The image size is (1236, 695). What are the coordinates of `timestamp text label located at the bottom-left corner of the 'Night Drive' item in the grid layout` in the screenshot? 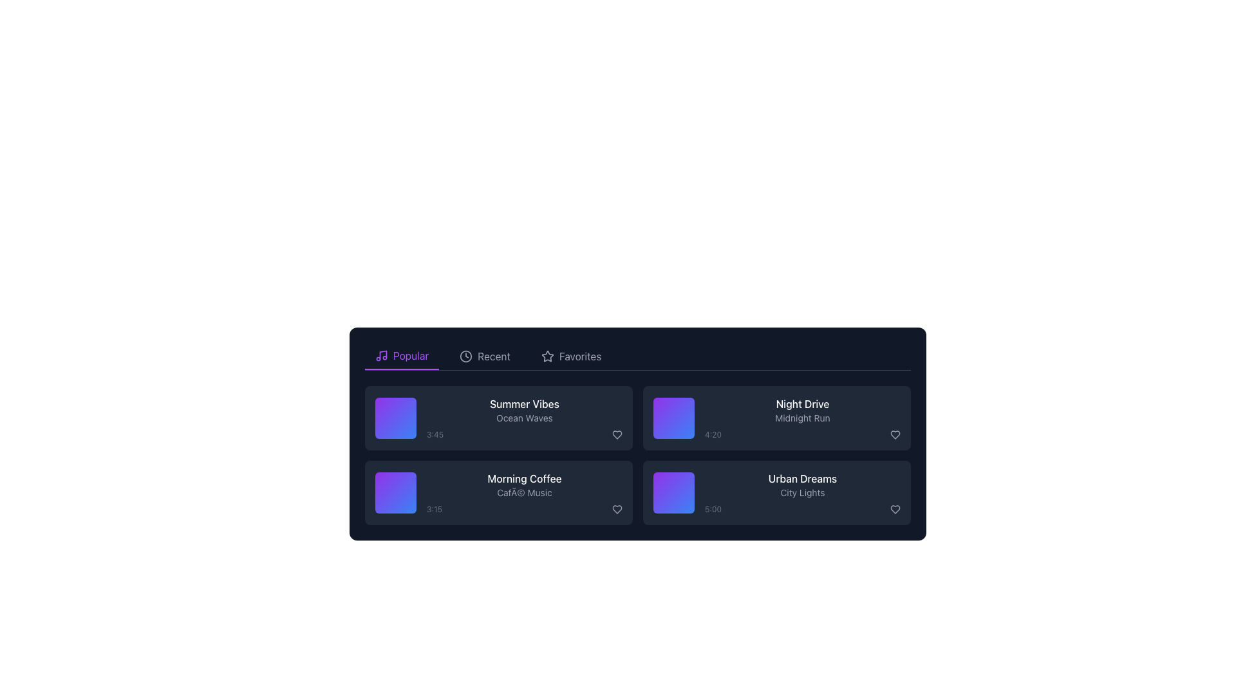 It's located at (713, 434).